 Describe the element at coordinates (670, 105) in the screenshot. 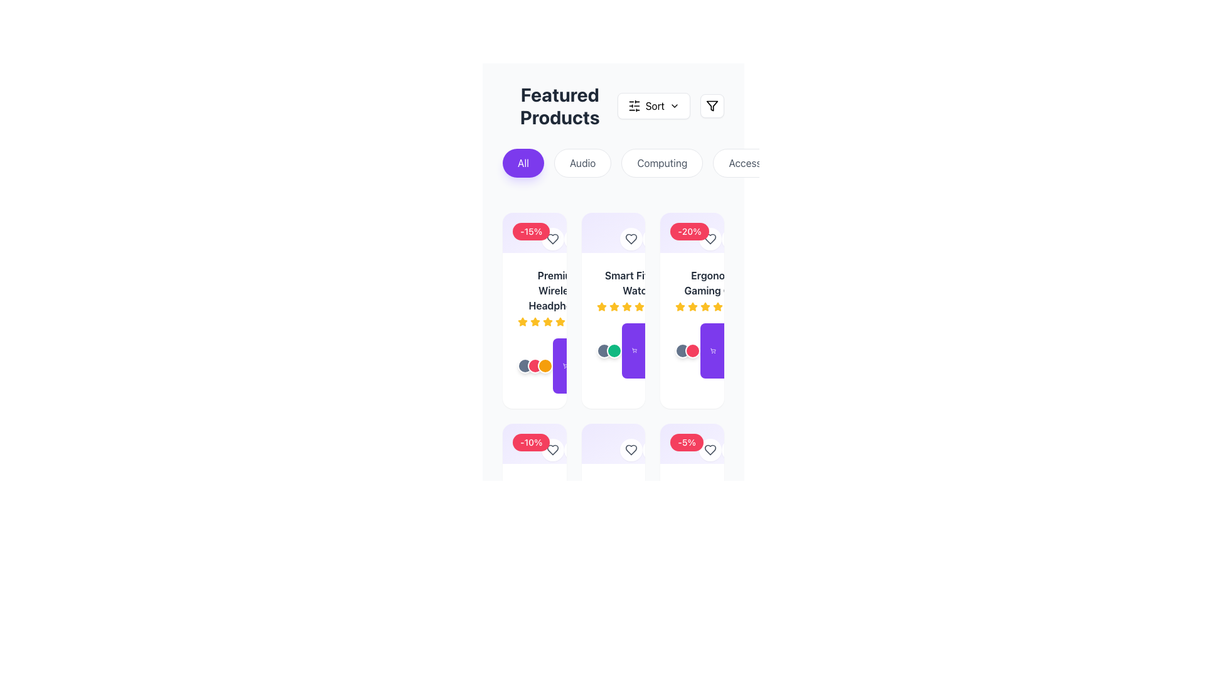

I see `the 'Sort' button, which is a composite UI component consisting of a label and two icons (horizontal sliders and a downward-pointing chevron), positioned to the right of the 'Featured Products' label` at that location.